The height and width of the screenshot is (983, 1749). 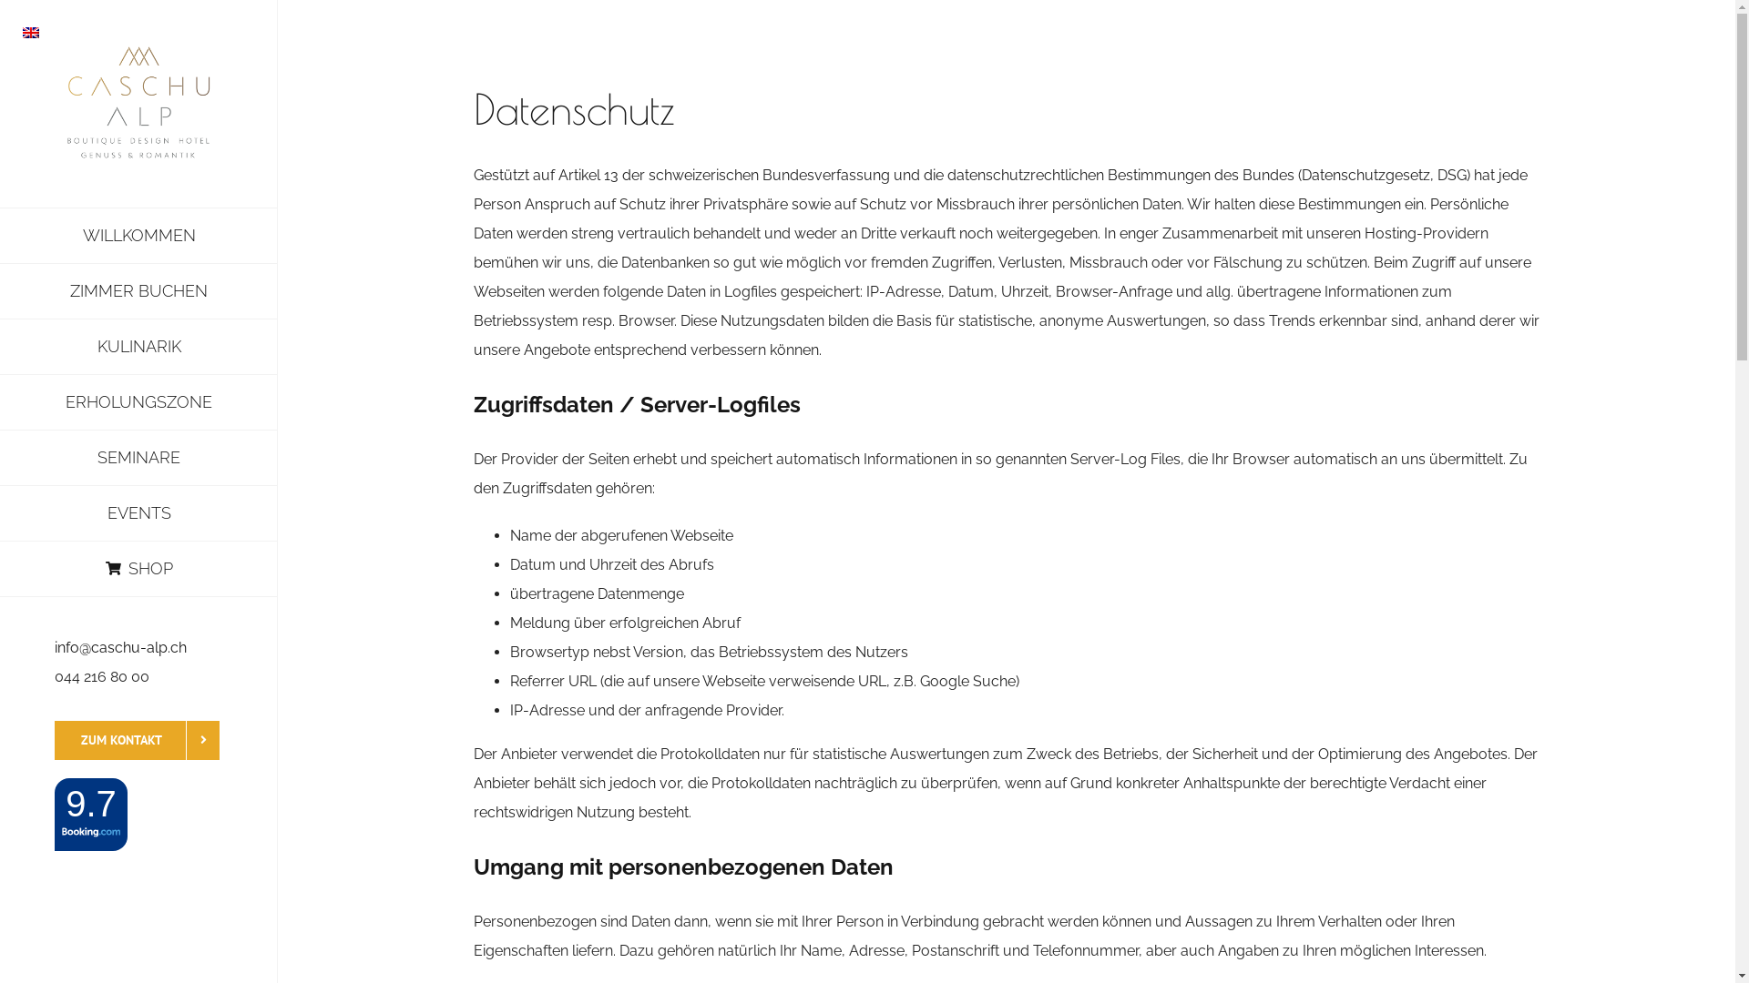 I want to click on 'ZIMMER BUCHEN', so click(x=138, y=290).